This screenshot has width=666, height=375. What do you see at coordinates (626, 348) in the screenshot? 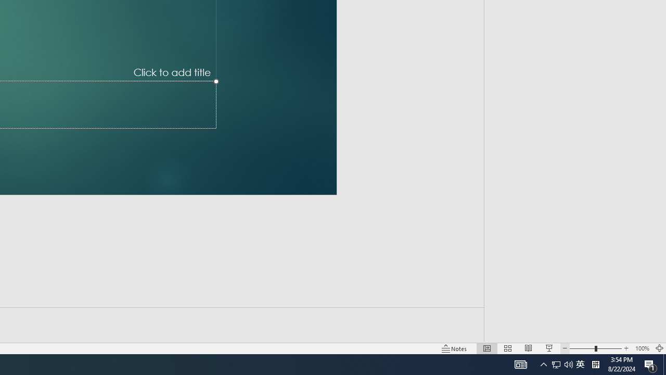
I see `'Zoom In'` at bounding box center [626, 348].